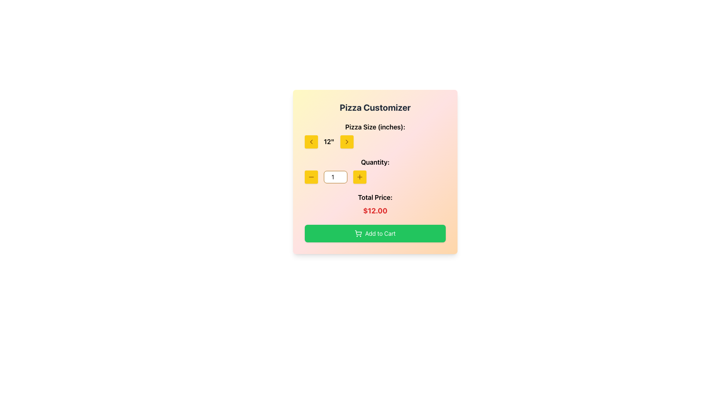 This screenshot has width=705, height=396. What do you see at coordinates (346, 142) in the screenshot?
I see `the button located to the right of the '12"' text to increment the pizza size` at bounding box center [346, 142].